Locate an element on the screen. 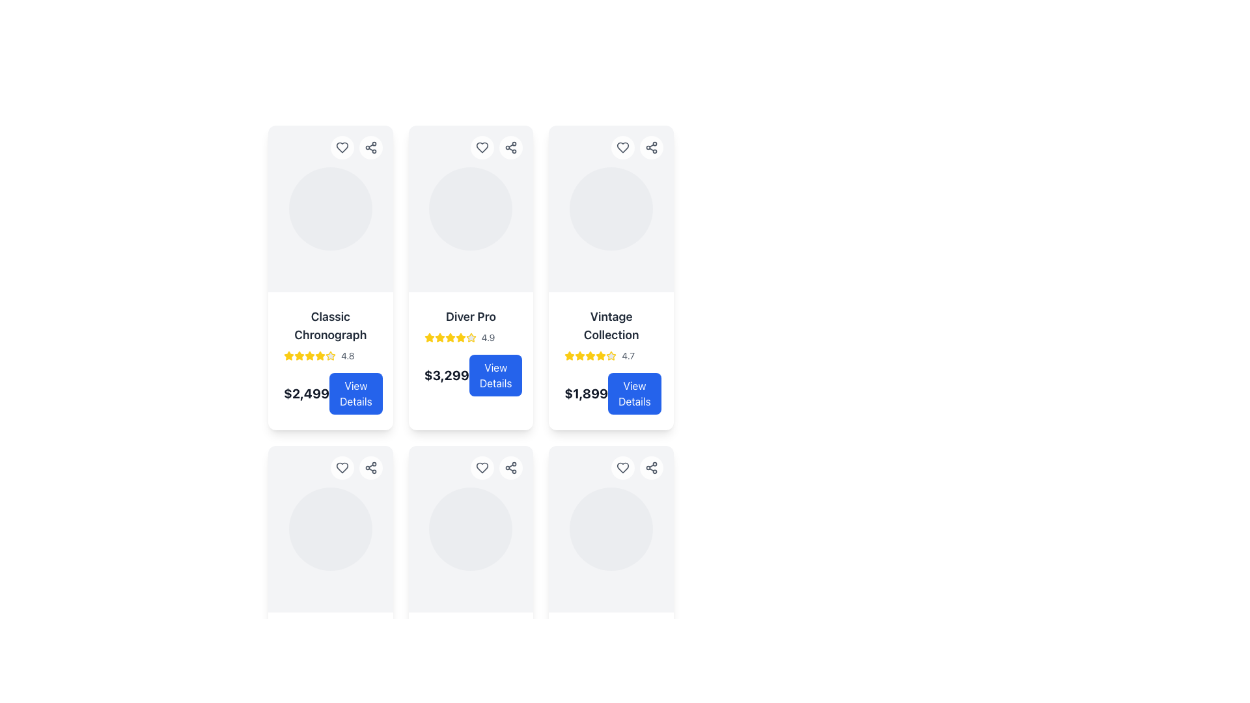  the share icon button located in the upper right corner of the 'Diver Pro' card is located at coordinates (370, 467).